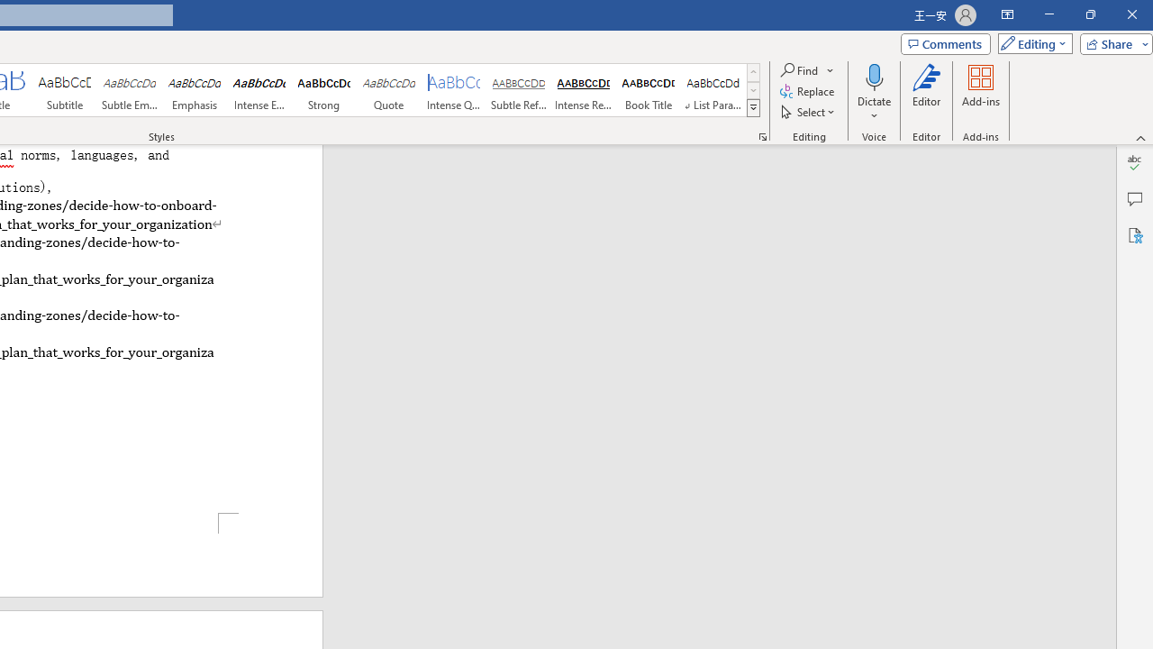 Image resolution: width=1153 pixels, height=649 pixels. Describe the element at coordinates (583, 90) in the screenshot. I see `'Intense Reference'` at that location.